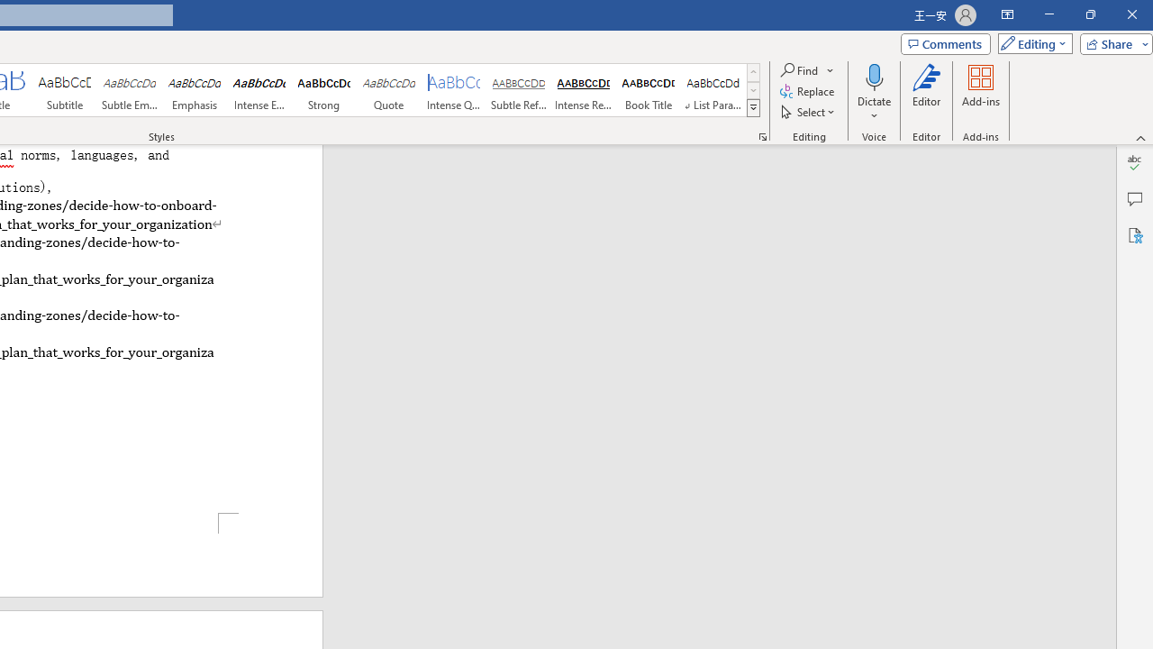 Image resolution: width=1153 pixels, height=649 pixels. Describe the element at coordinates (583, 90) in the screenshot. I see `'Intense Reference'` at that location.